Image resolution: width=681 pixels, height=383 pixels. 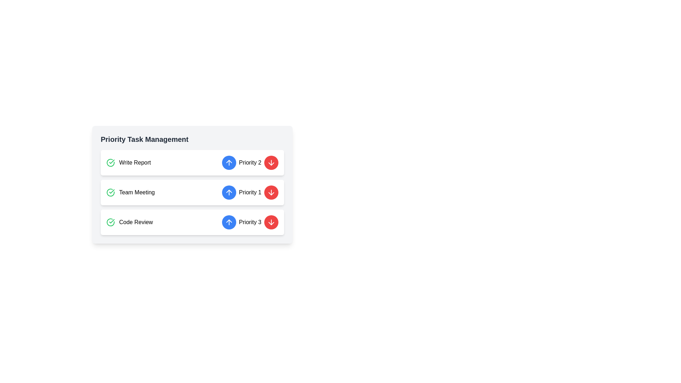 I want to click on the circular button with a dark blue background and a white upward arrow icon, so click(x=229, y=163).